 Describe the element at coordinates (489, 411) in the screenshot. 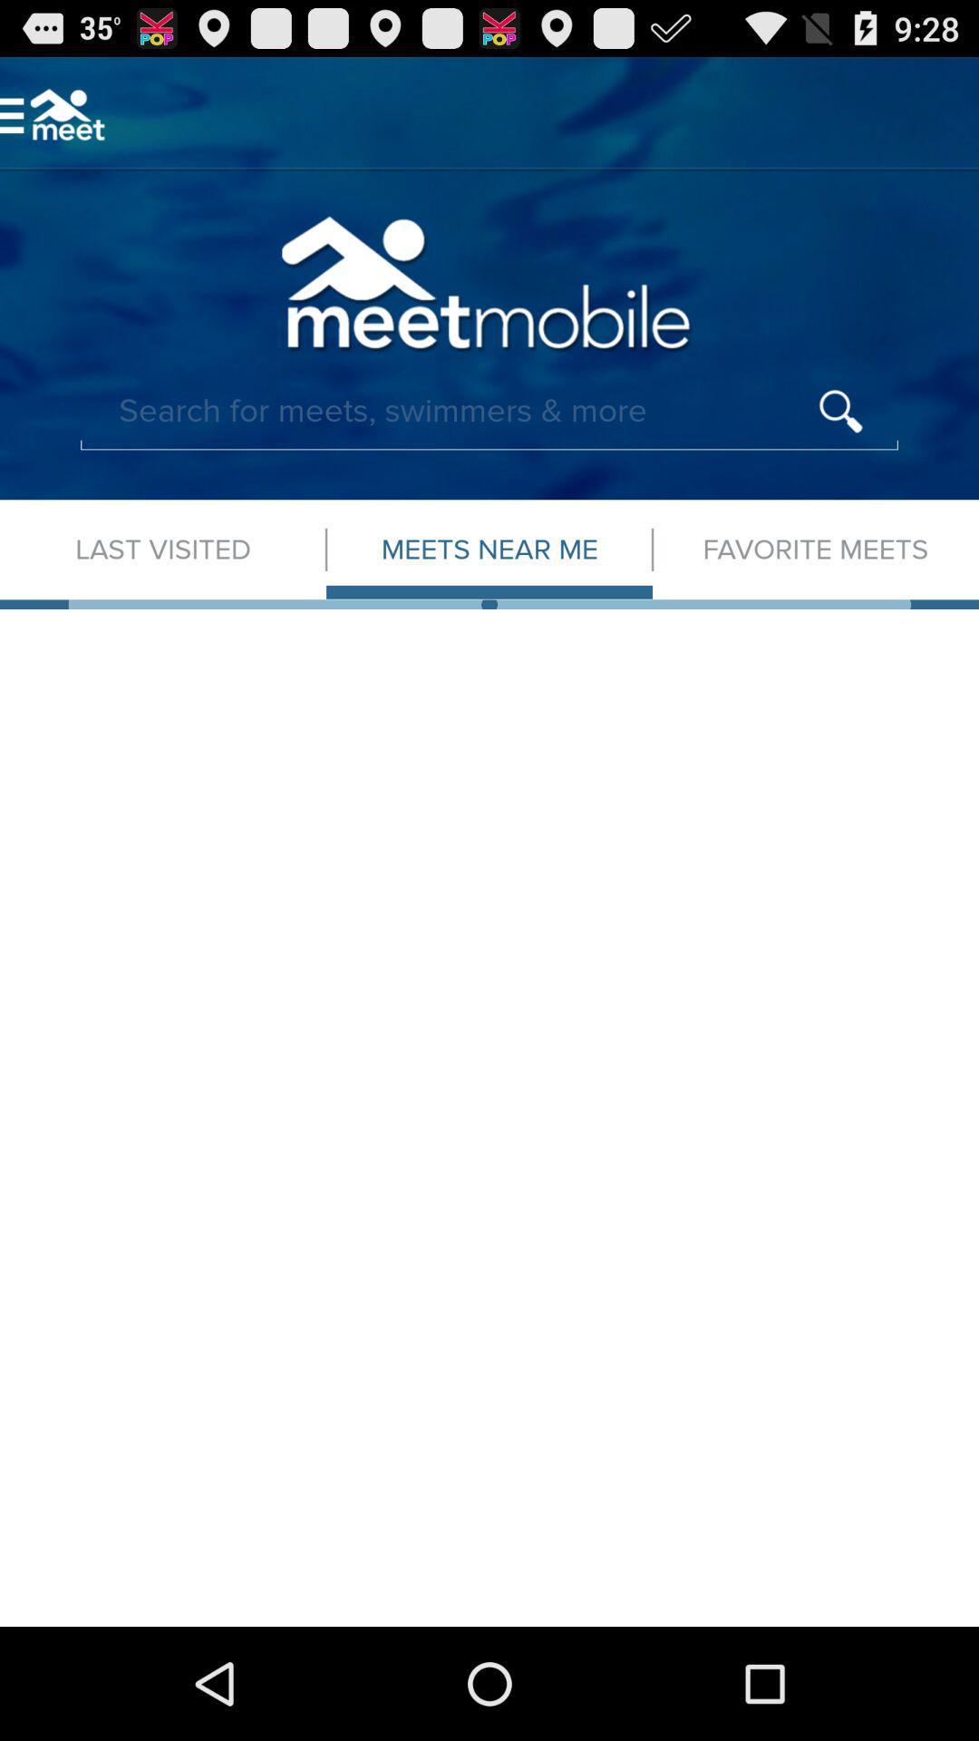

I see `search` at that location.